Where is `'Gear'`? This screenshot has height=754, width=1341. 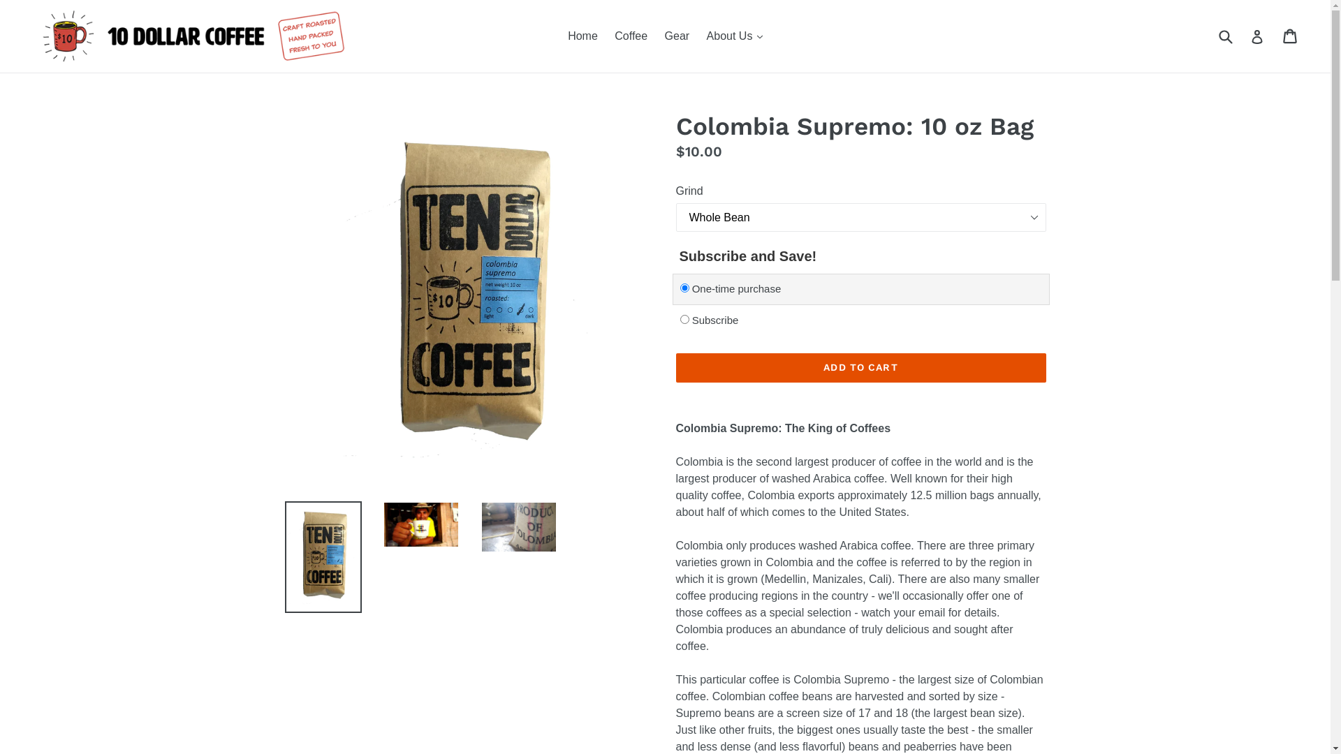 'Gear' is located at coordinates (677, 35).